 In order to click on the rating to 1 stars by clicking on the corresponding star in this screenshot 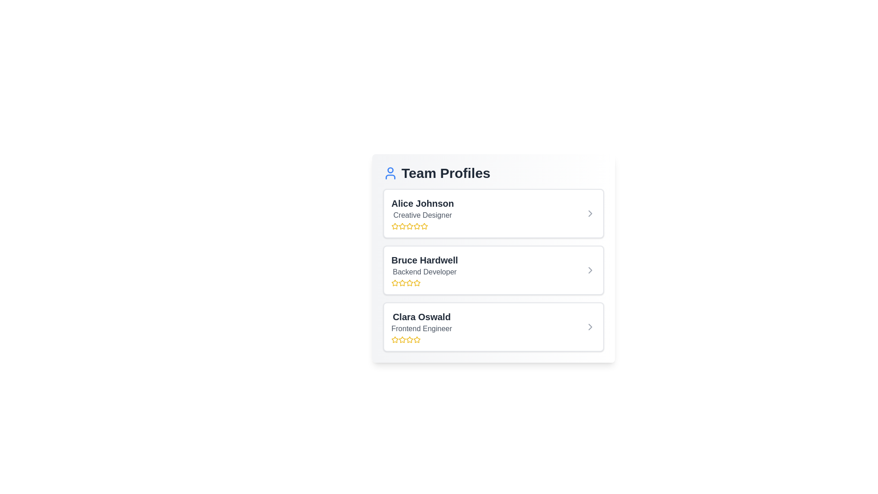, I will do `click(395, 226)`.